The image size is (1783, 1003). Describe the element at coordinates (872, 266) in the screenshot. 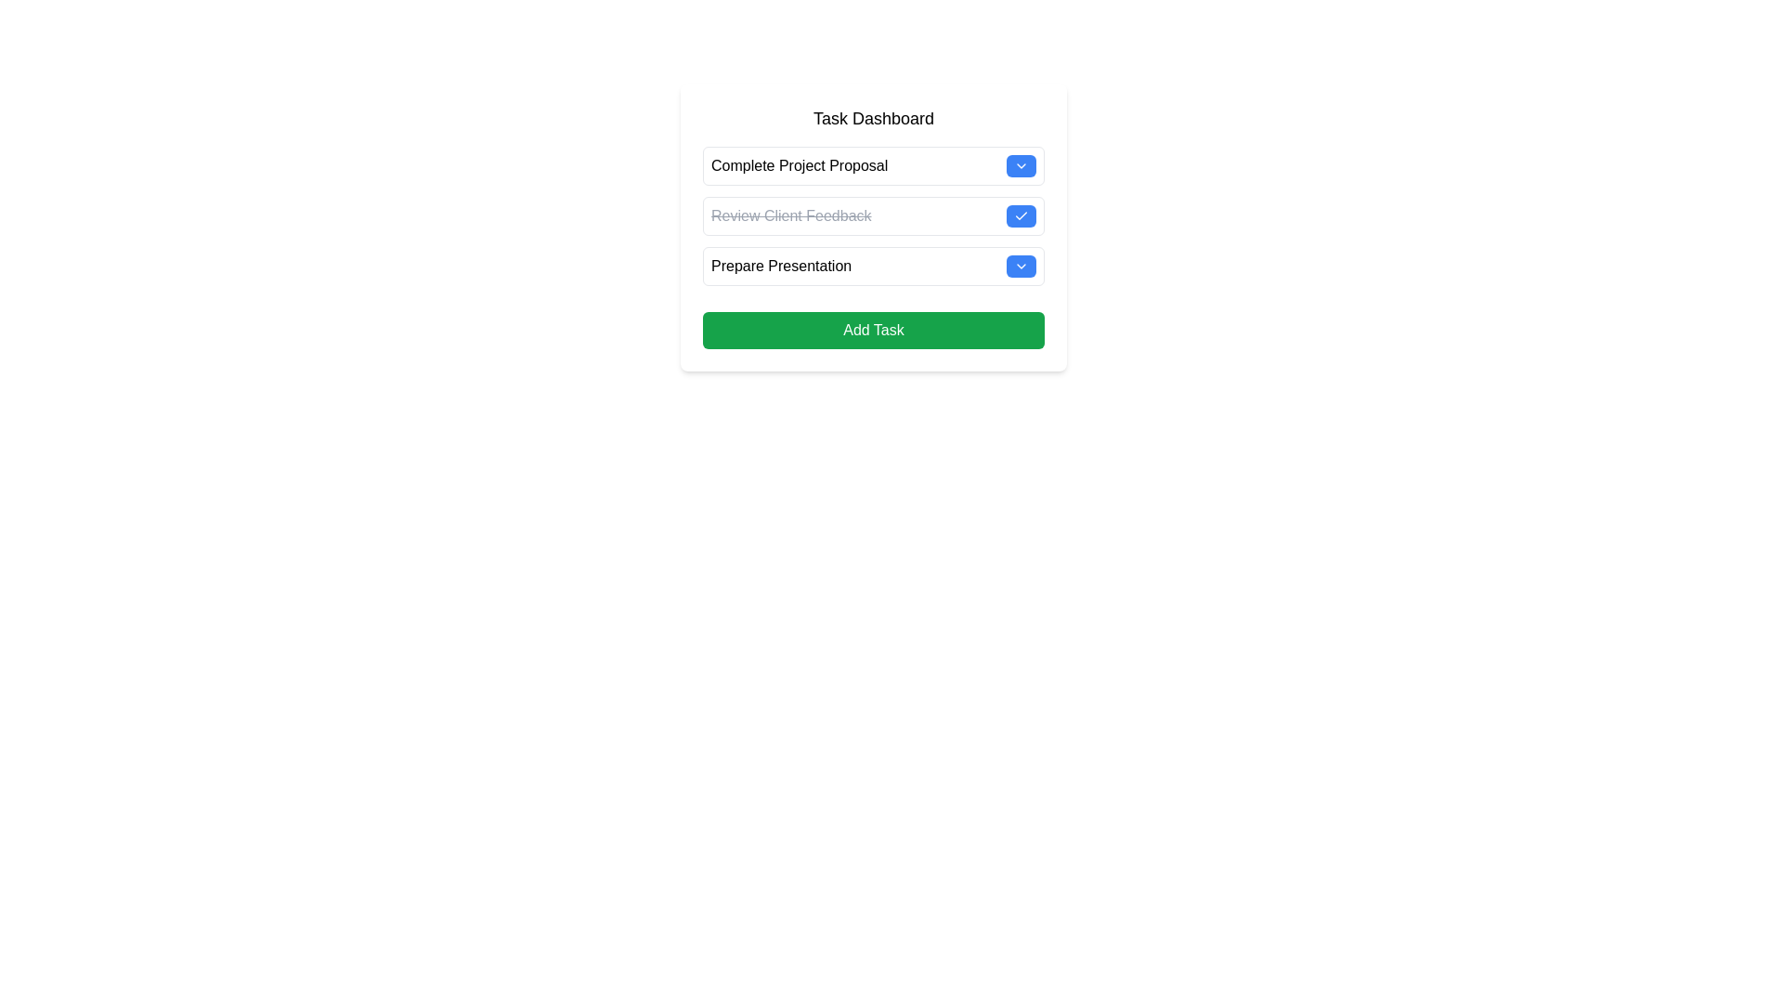

I see `the task item labeled 'Prepare Presentation' to modify the task` at that location.